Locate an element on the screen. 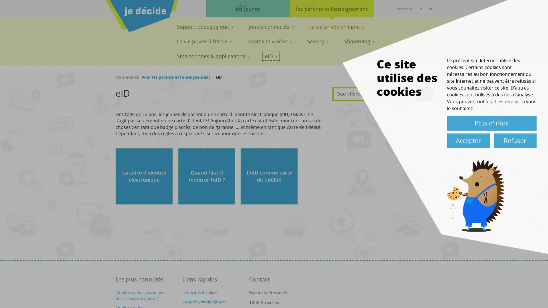  Apply is located at coordinates (425, 93).